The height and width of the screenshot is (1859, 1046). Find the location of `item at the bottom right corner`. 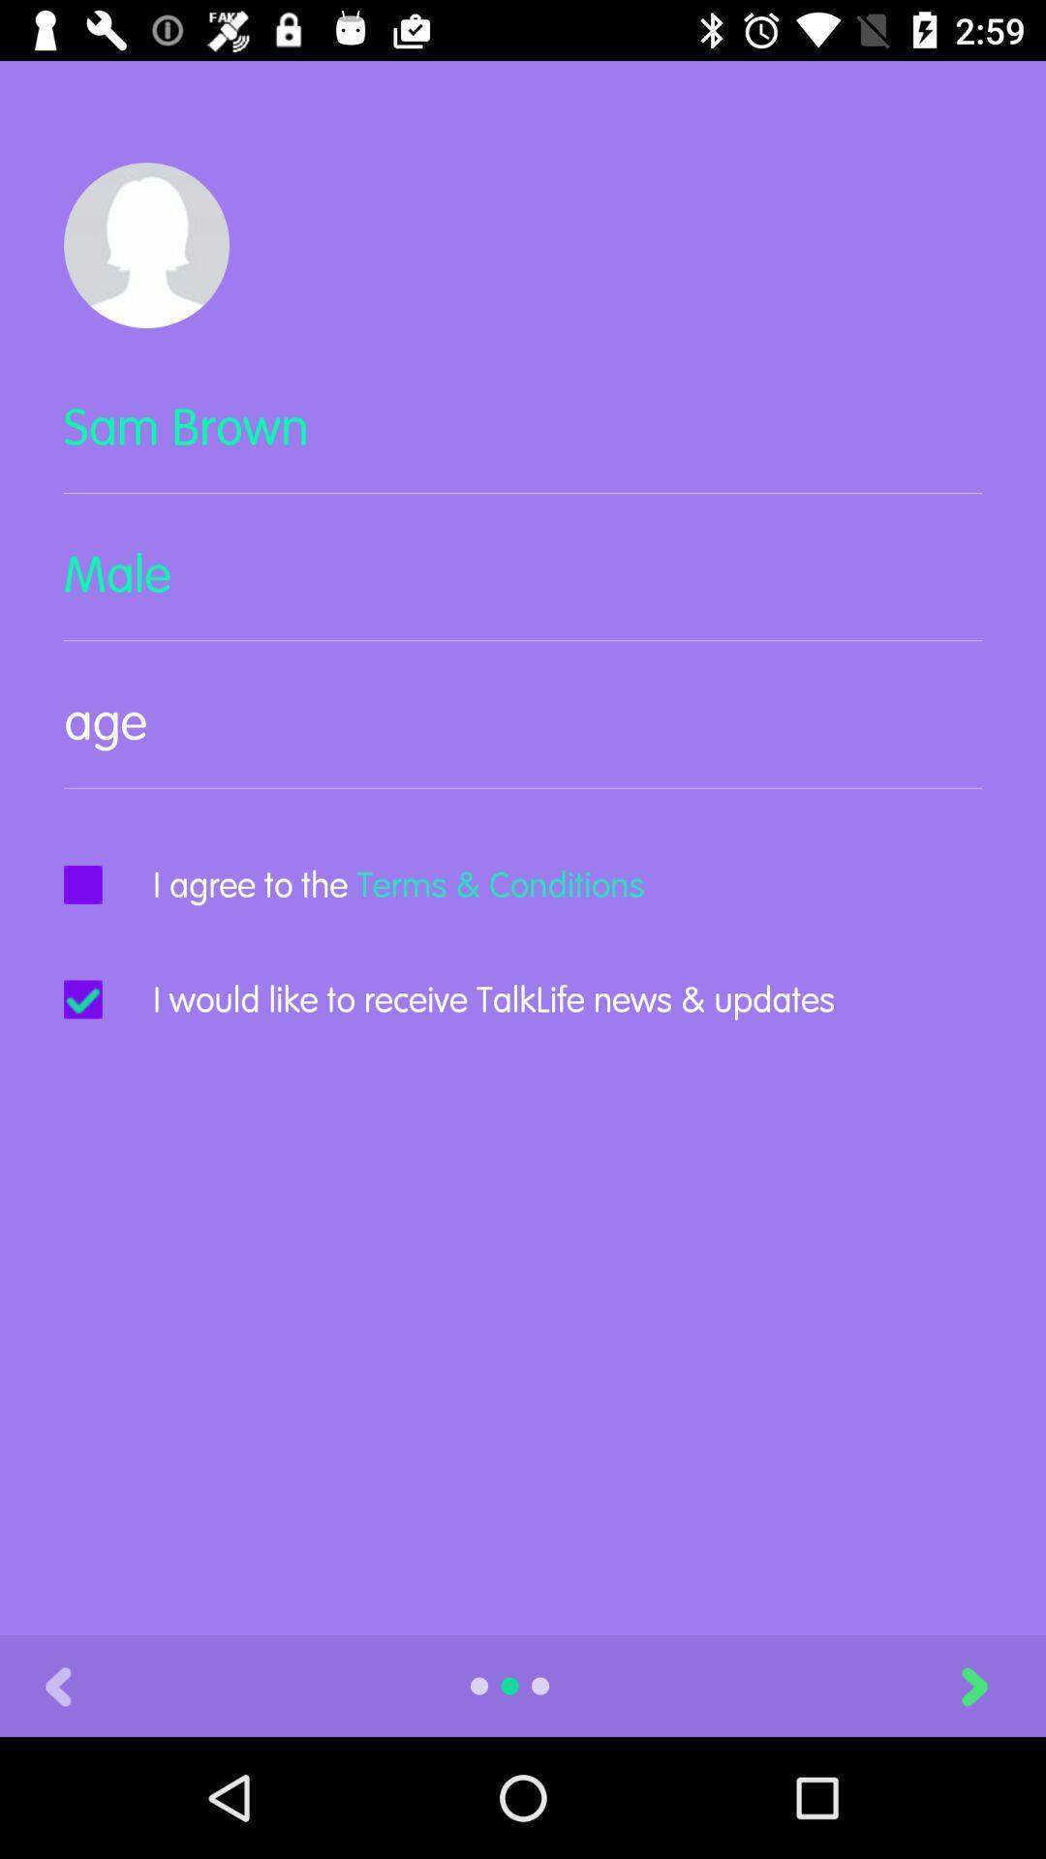

item at the bottom right corner is located at coordinates (997, 1685).